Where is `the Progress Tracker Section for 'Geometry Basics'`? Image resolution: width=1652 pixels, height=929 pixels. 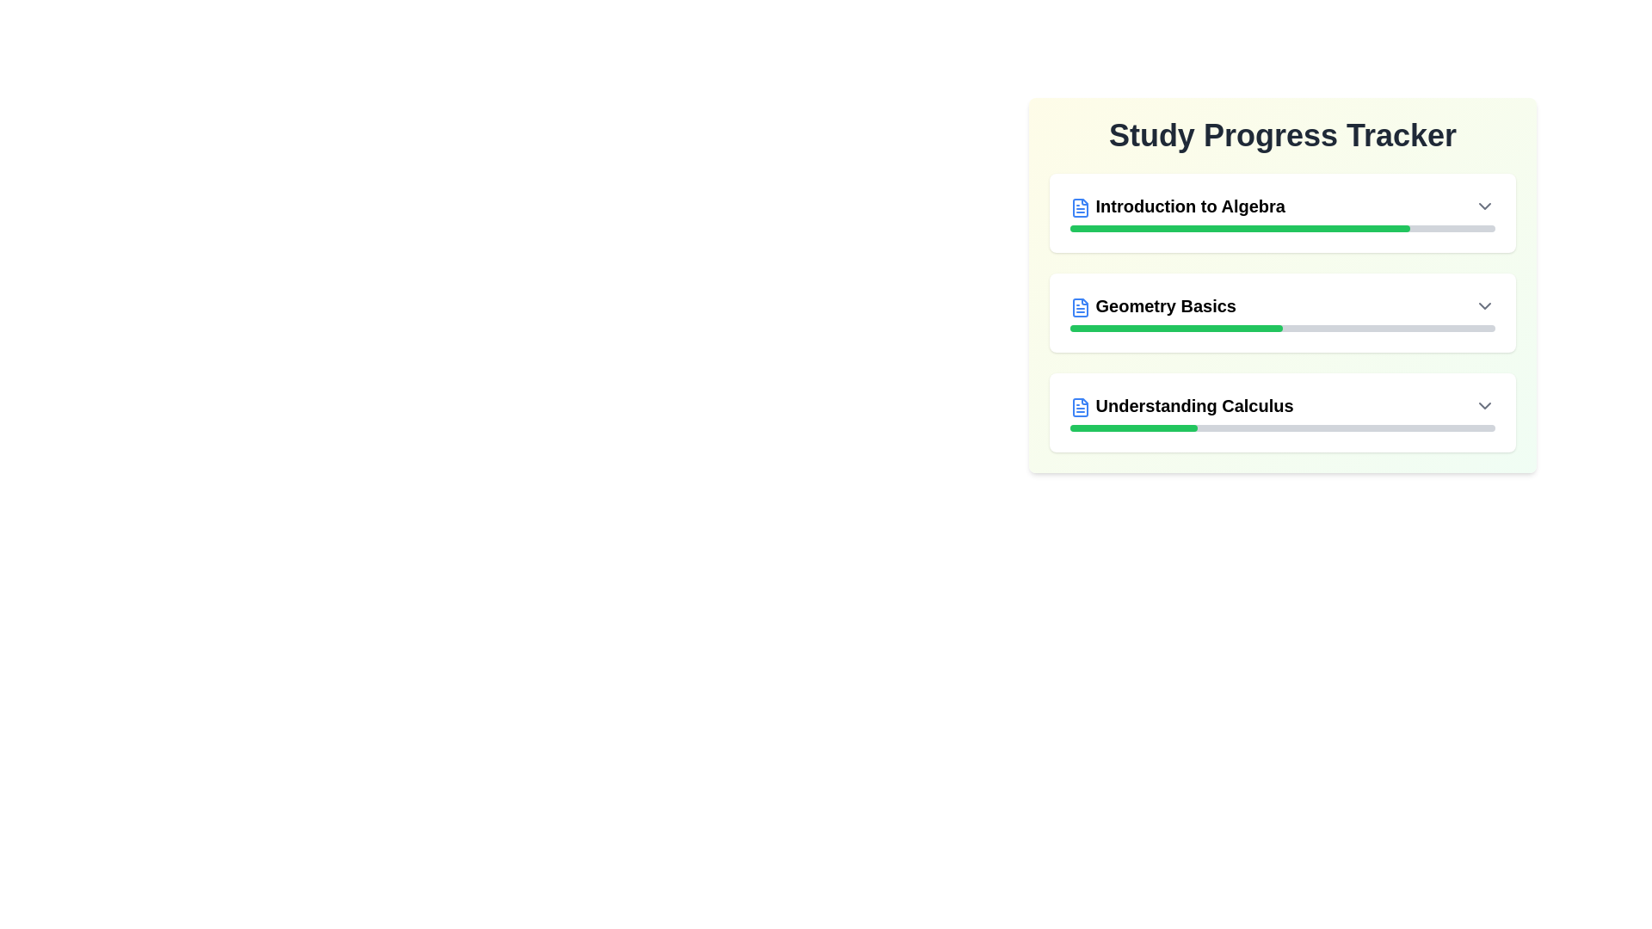 the Progress Tracker Section for 'Geometry Basics' is located at coordinates (1283, 312).